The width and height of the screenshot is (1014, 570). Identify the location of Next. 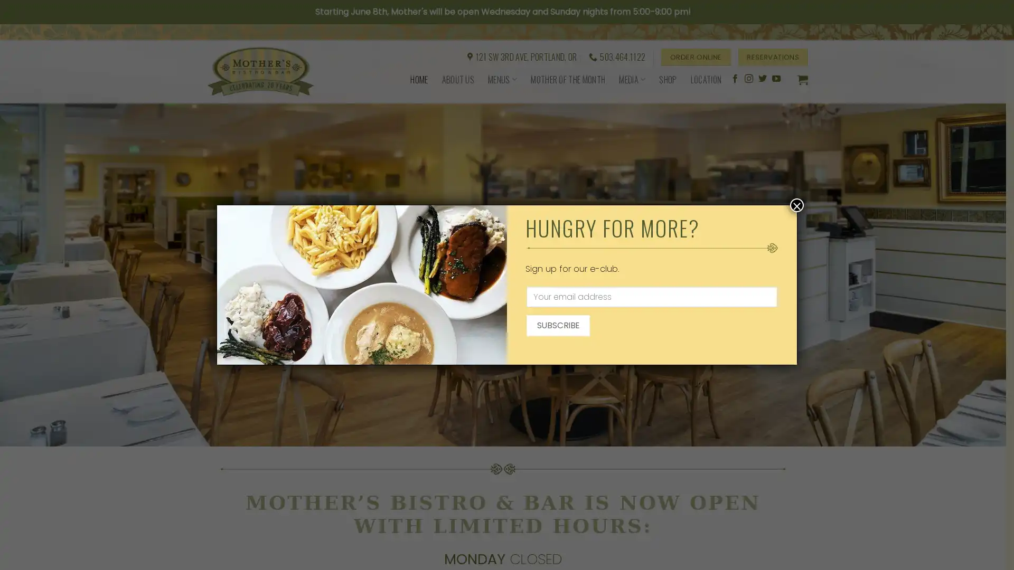
(972, 234).